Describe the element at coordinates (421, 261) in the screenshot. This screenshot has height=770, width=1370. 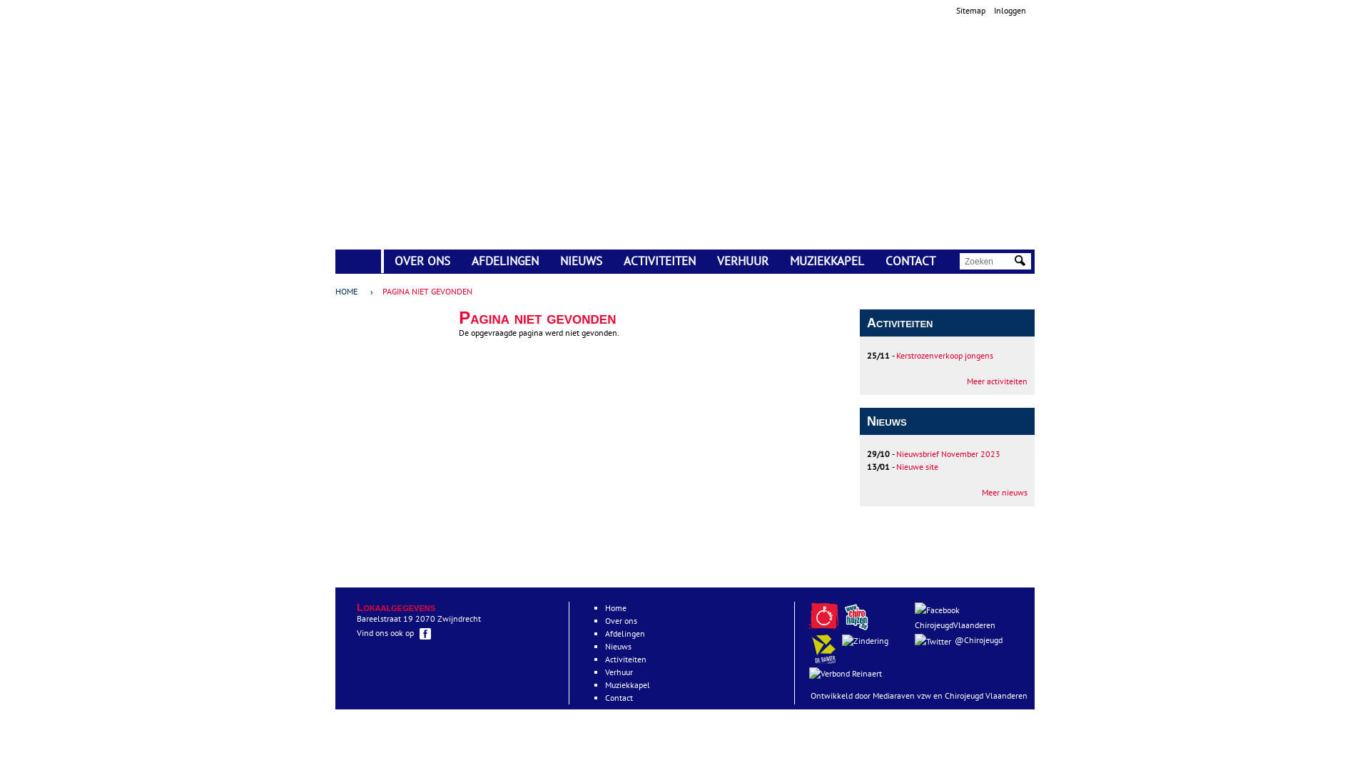
I see `'OVER ONS'` at that location.